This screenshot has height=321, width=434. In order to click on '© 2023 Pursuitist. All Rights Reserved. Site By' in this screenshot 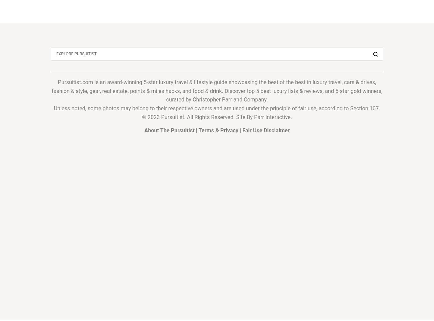, I will do `click(197, 117)`.